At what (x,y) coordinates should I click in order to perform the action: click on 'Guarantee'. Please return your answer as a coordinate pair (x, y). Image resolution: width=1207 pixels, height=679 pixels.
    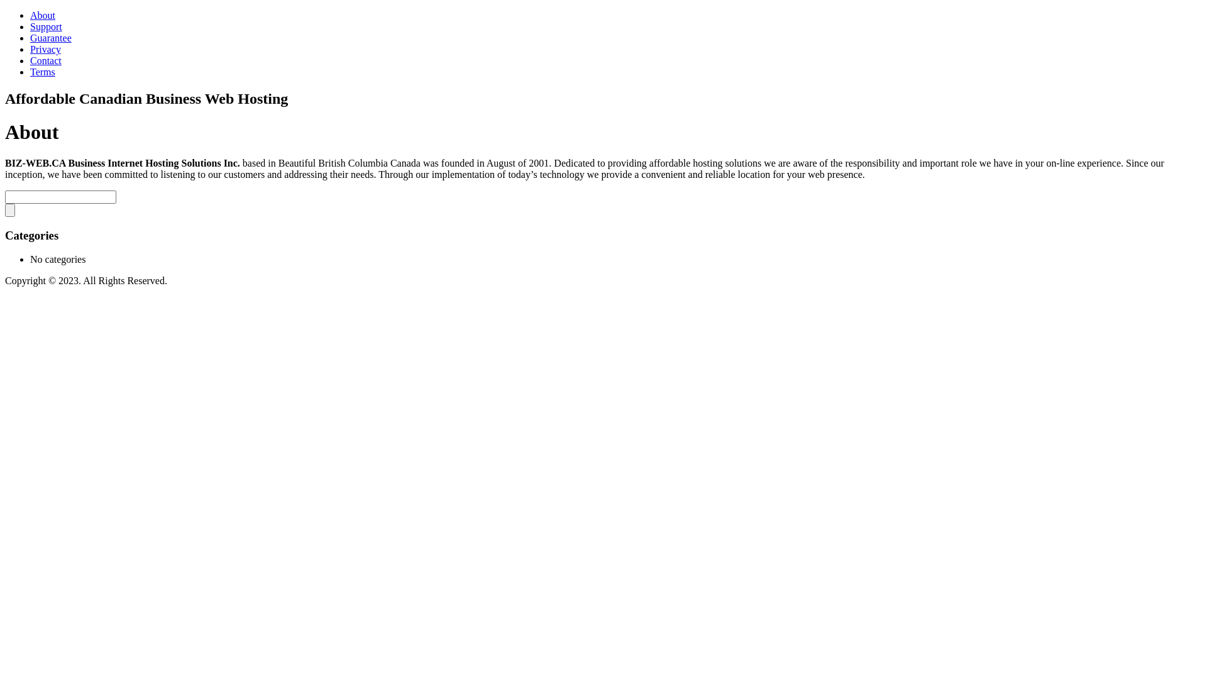
    Looking at the image, I should click on (50, 37).